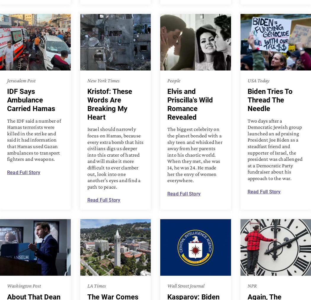  Describe the element at coordinates (33, 139) in the screenshot. I see `'The IDF said a number of Hamas terrorists were killed in the strike and said it had information that Hamas used Gazan ambulances to transport fighters and weapons.'` at that location.